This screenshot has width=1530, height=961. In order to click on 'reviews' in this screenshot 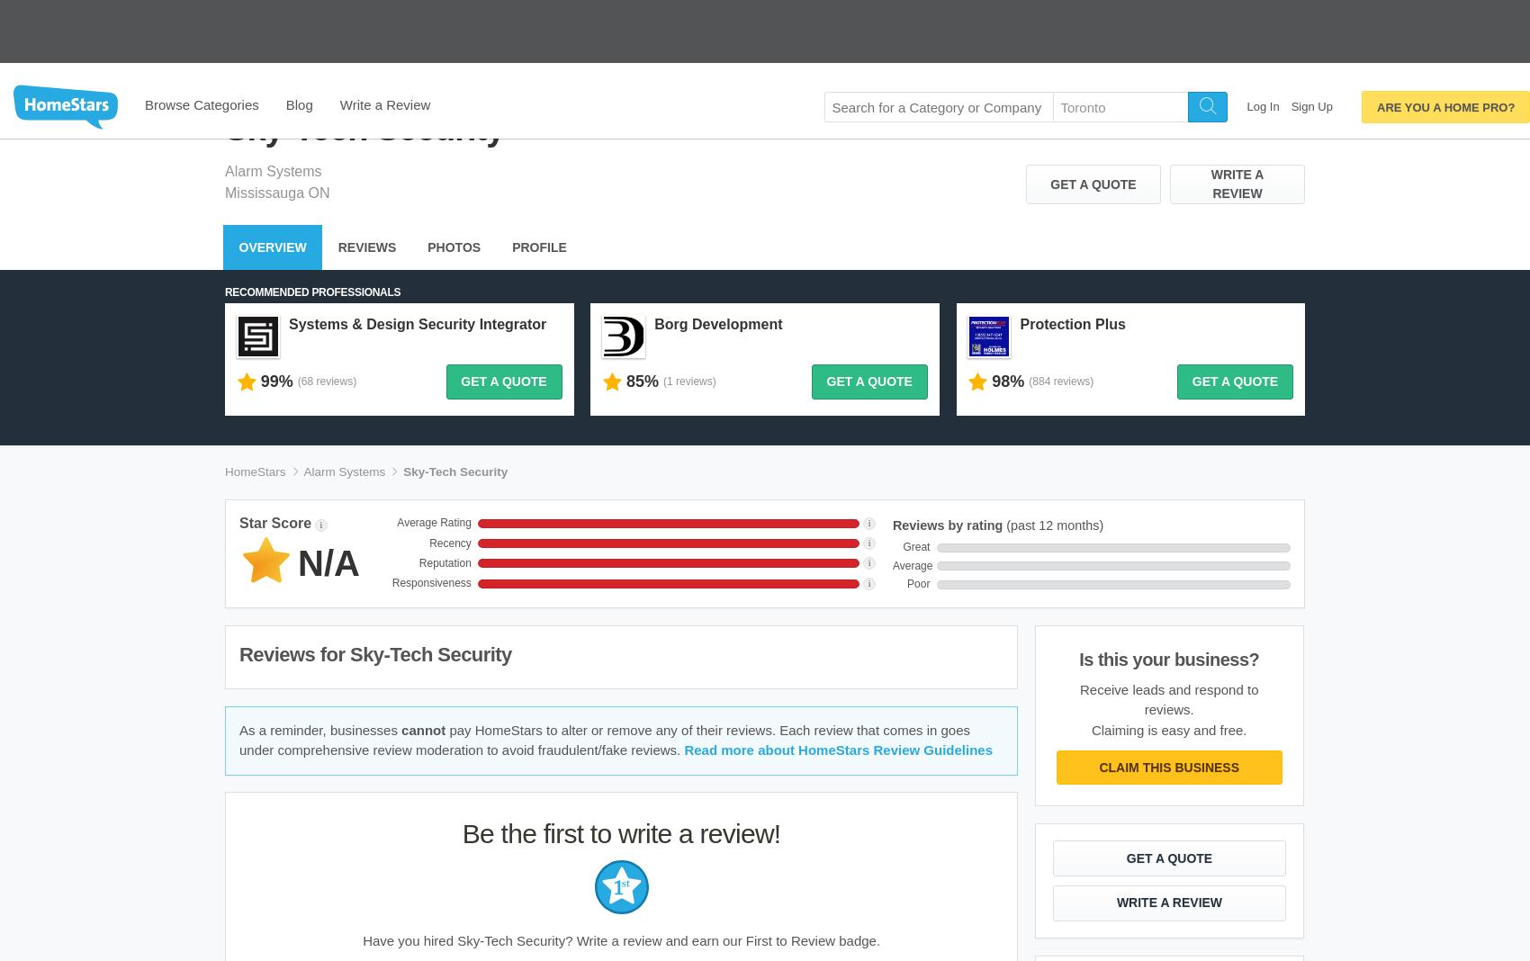, I will do `click(337, 170)`.